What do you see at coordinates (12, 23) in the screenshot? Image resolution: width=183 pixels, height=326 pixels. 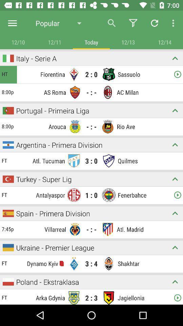 I see `menu` at bounding box center [12, 23].